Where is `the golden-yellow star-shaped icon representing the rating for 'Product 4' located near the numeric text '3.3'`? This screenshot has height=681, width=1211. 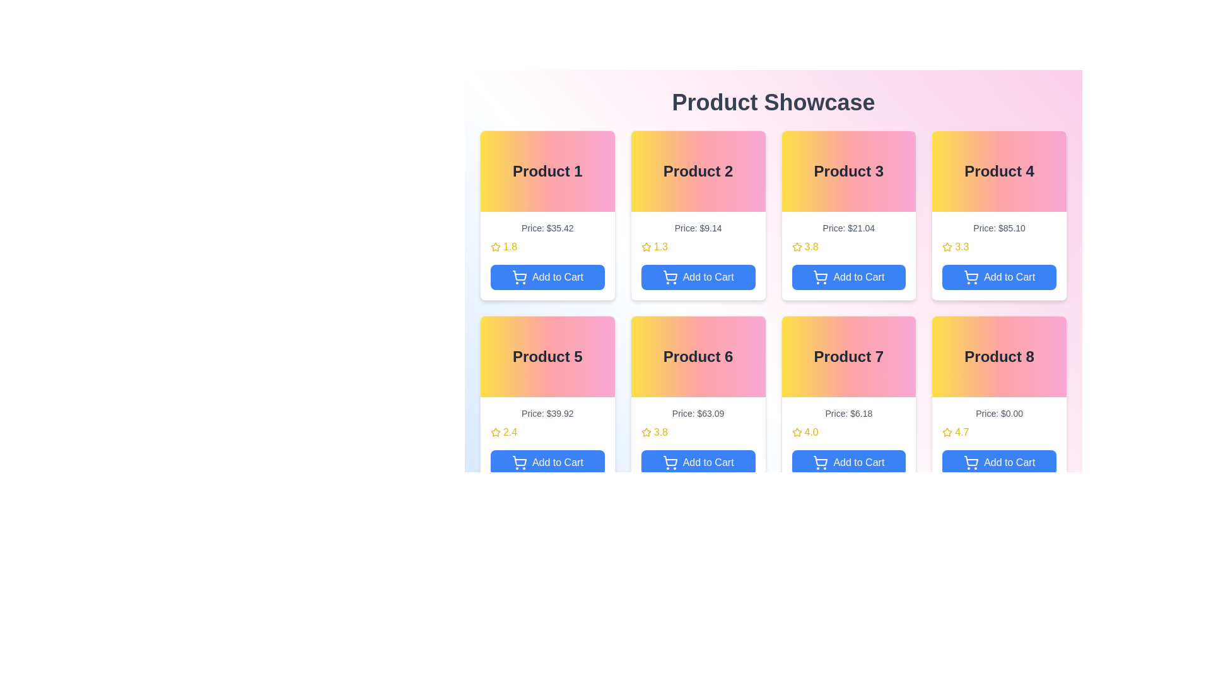
the golden-yellow star-shaped icon representing the rating for 'Product 4' located near the numeric text '3.3' is located at coordinates (947, 247).